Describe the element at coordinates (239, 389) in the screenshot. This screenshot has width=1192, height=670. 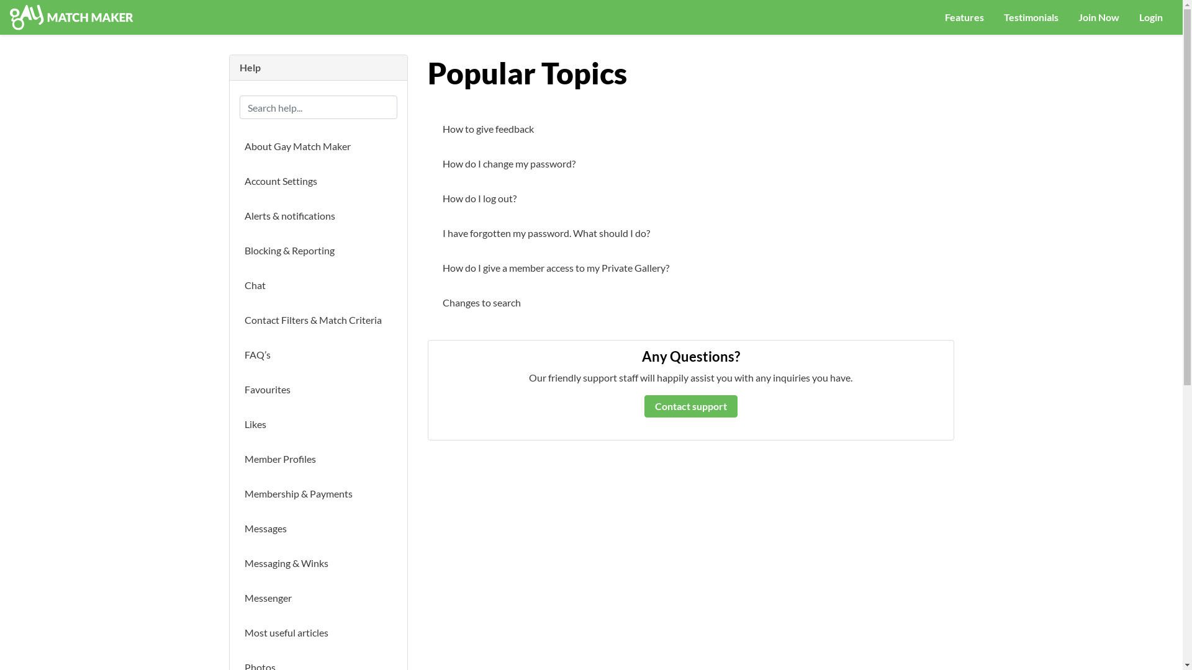
I see `'Favourites'` at that location.